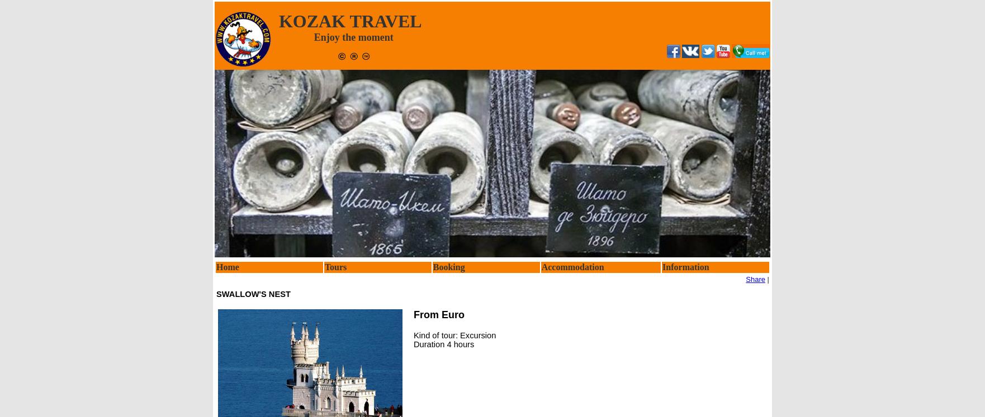 The height and width of the screenshot is (417, 985). What do you see at coordinates (688, 328) in the screenshot?
I see `'Info Crimea'` at bounding box center [688, 328].